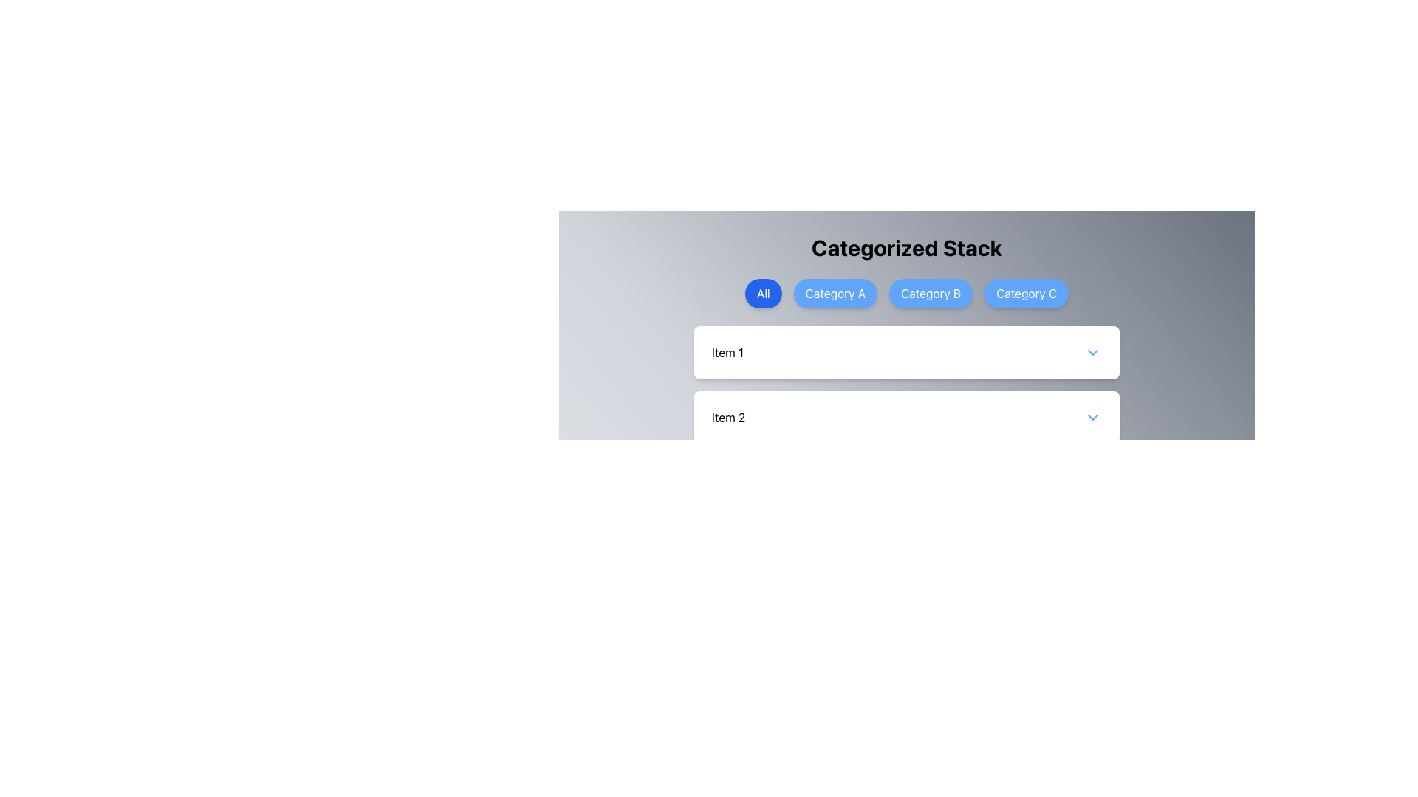  Describe the element at coordinates (1026, 293) in the screenshot. I see `the filter button for 'Category C', which is the last button in a group of four horizontally aligned buttons located in the upper center of the interface` at that location.